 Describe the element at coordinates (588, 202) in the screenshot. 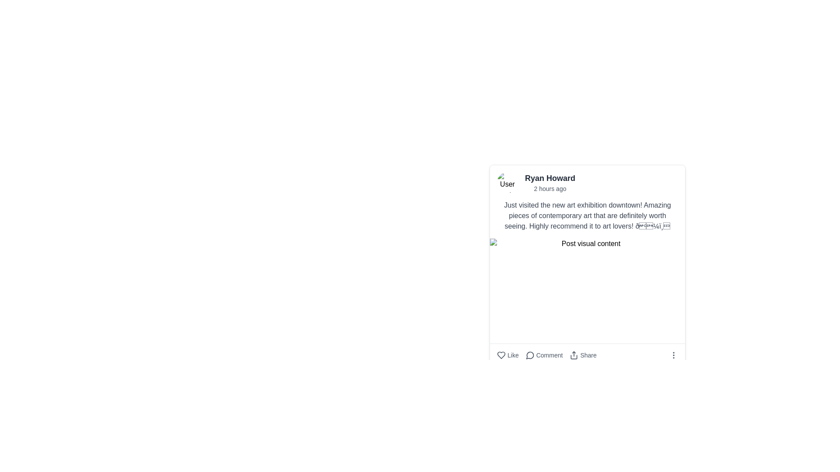

I see `content displayed in the user's post section, which includes their name, time of posting, and post text, located centrally in the post layout` at that location.